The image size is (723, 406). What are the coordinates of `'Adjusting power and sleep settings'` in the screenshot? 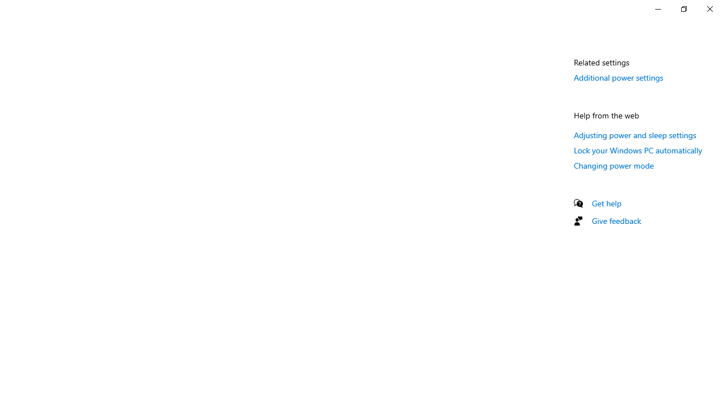 It's located at (635, 134).